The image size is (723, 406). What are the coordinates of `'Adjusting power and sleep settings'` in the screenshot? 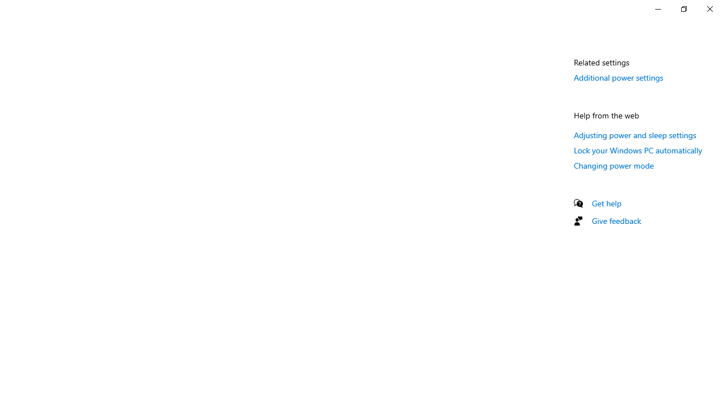 It's located at (635, 134).